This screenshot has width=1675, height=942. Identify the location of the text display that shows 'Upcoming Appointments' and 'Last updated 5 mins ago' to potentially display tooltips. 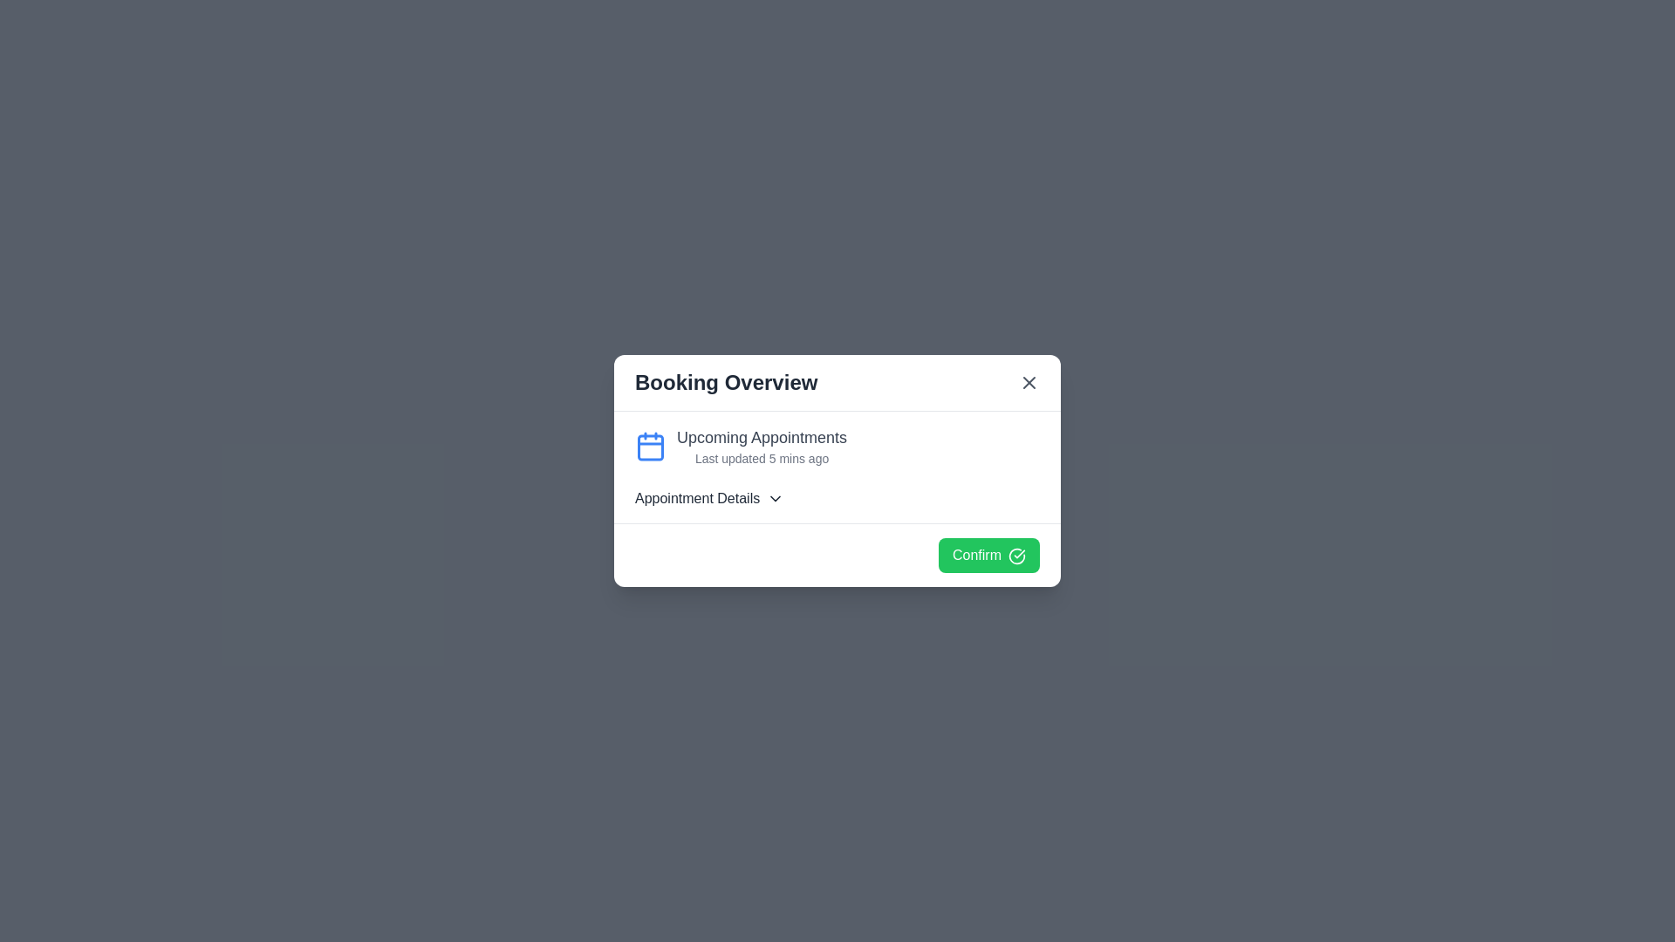
(762, 446).